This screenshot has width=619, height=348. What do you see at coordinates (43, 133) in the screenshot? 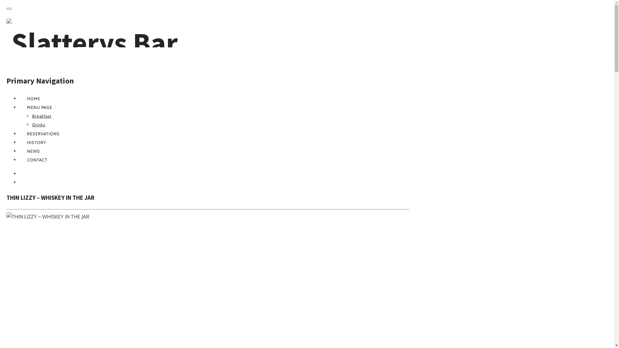
I see `'RESERVATIONS'` at bounding box center [43, 133].